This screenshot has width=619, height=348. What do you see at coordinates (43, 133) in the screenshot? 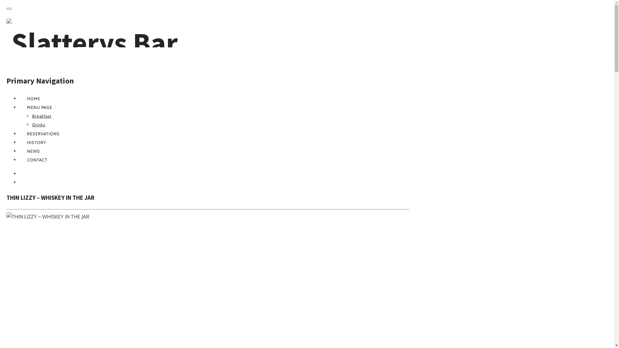
I see `'RESERVATIONS'` at bounding box center [43, 133].